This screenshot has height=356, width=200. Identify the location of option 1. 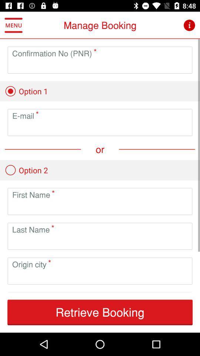
(26, 91).